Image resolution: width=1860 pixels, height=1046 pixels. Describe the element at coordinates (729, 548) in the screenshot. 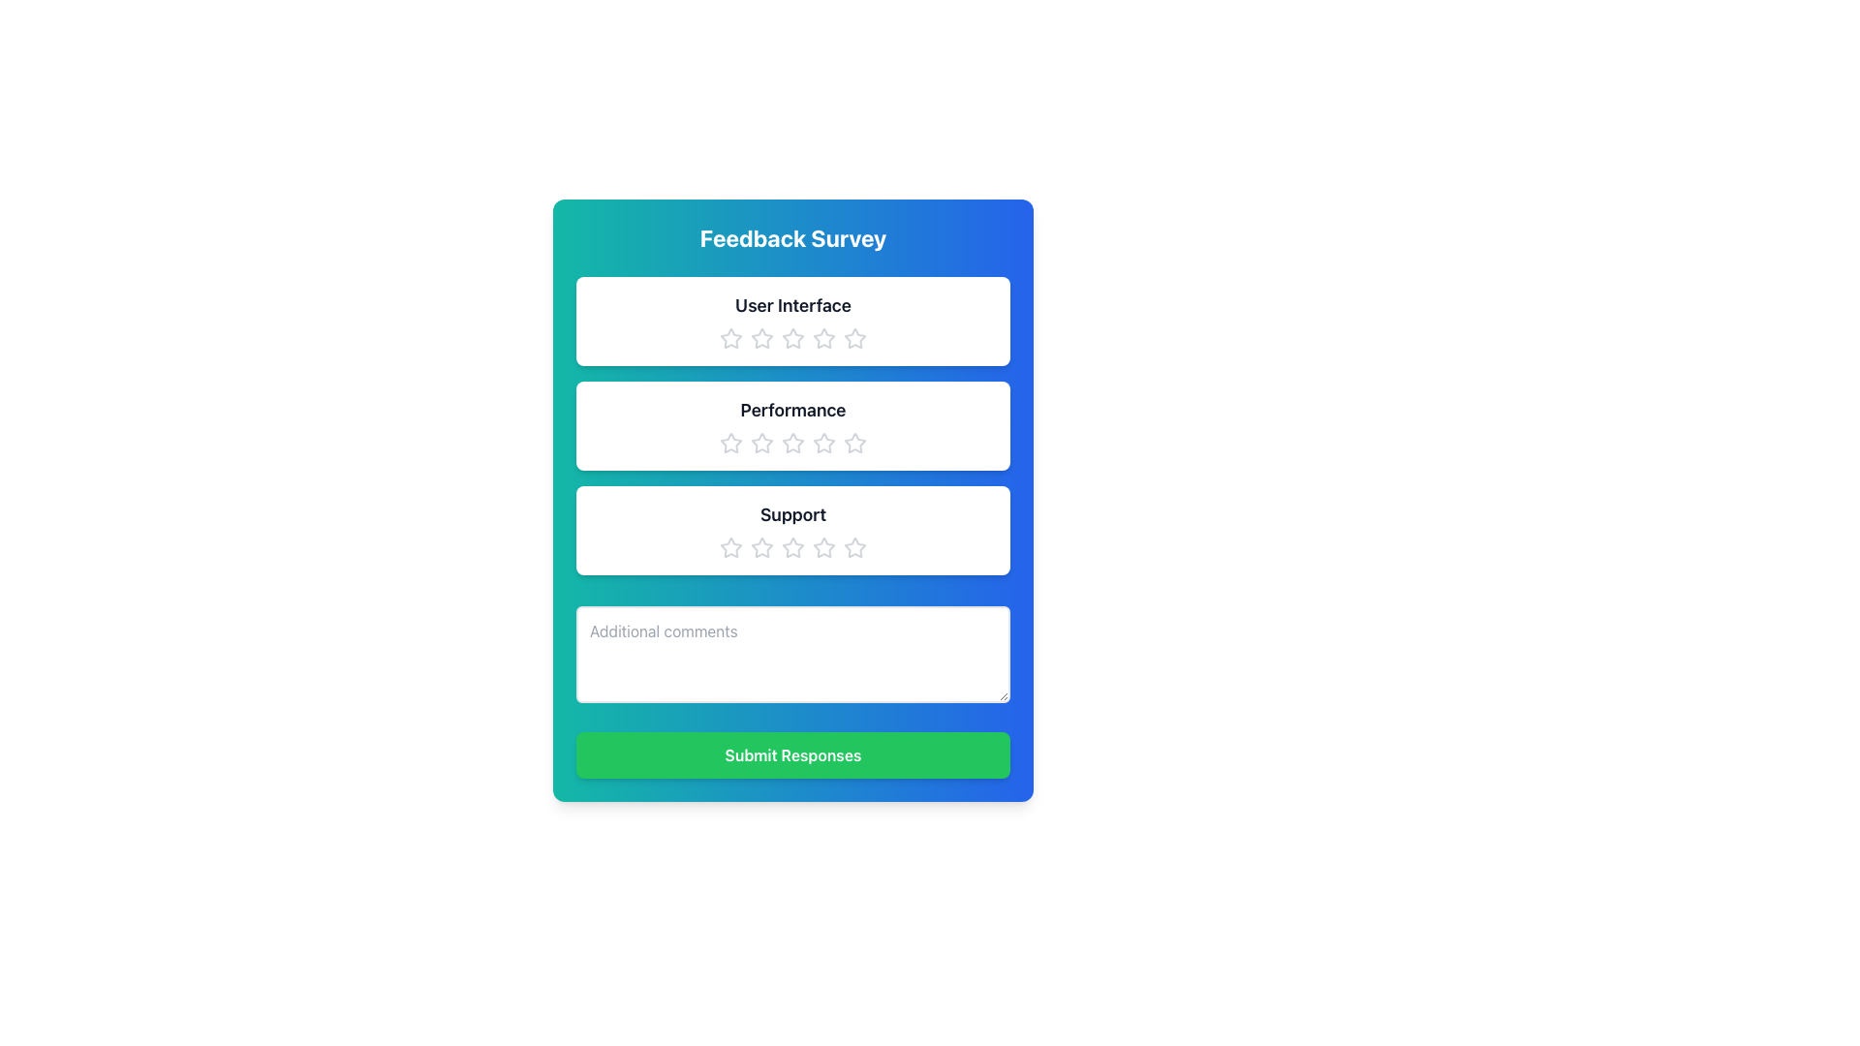

I see `the second star icon from the left in the horizontal row of stars under the 'Support' label` at that location.